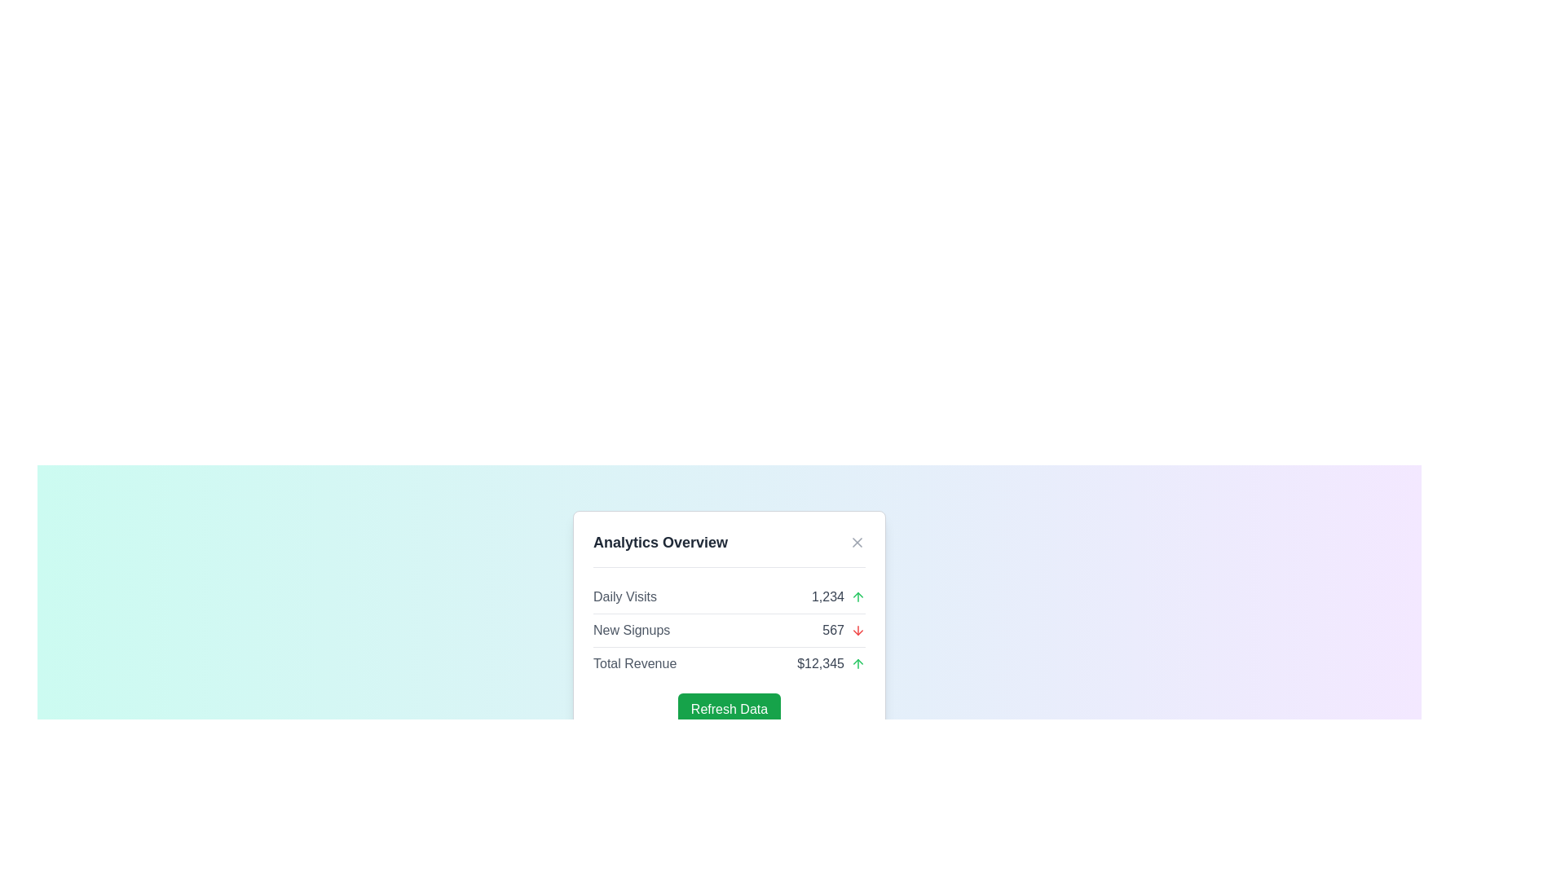 Image resolution: width=1565 pixels, height=880 pixels. Describe the element at coordinates (857, 663) in the screenshot. I see `the growth indicator icon located to the right of the text '$12,345' in the bottom-most row of the 'Analytics Overview' display box for additional details or actions` at that location.